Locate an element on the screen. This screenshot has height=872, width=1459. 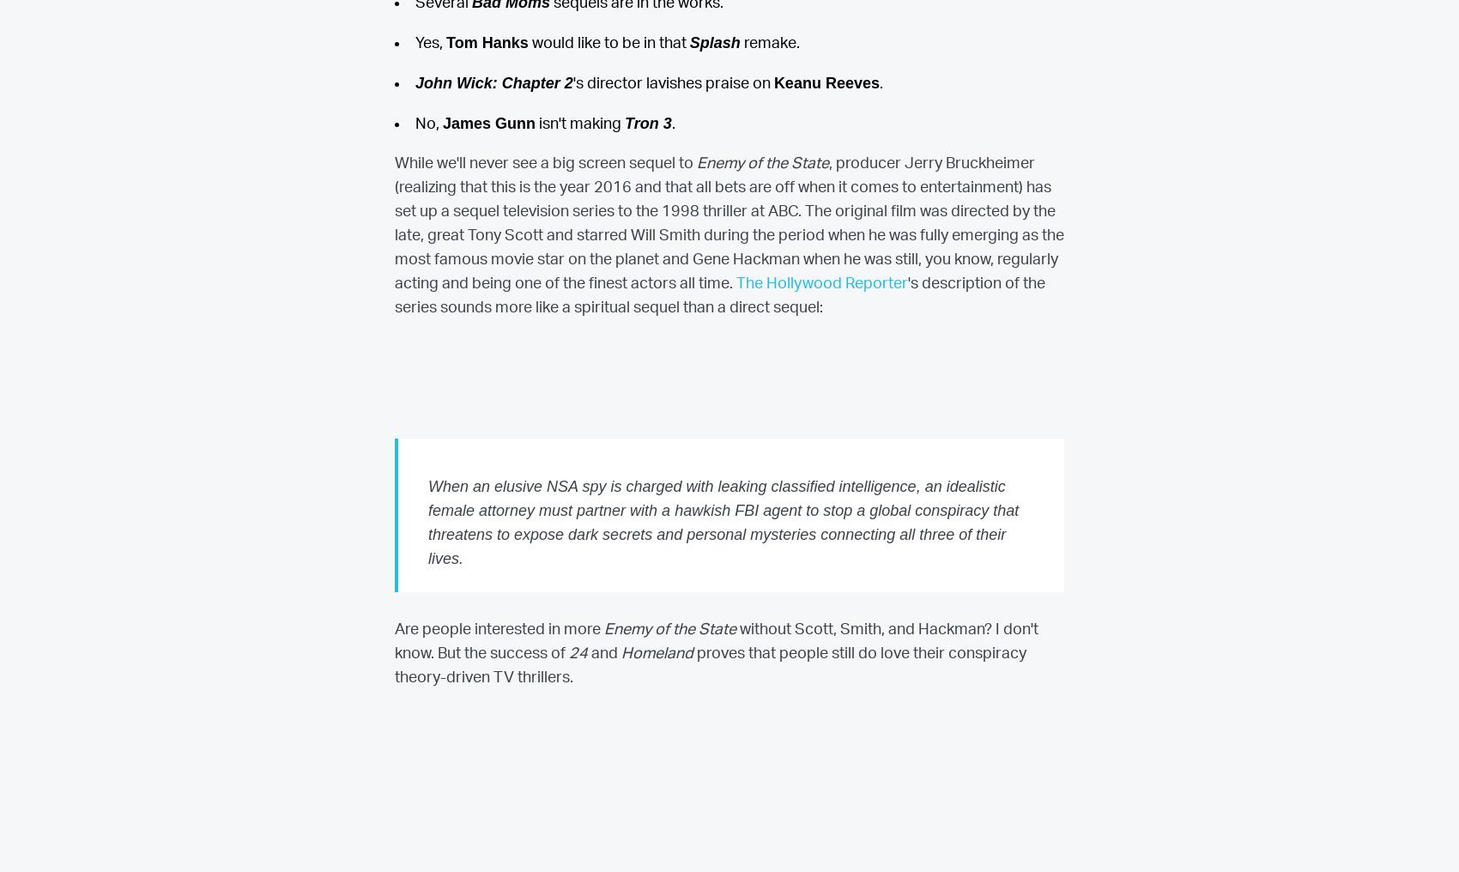
'would like to be in that' is located at coordinates (608, 41).